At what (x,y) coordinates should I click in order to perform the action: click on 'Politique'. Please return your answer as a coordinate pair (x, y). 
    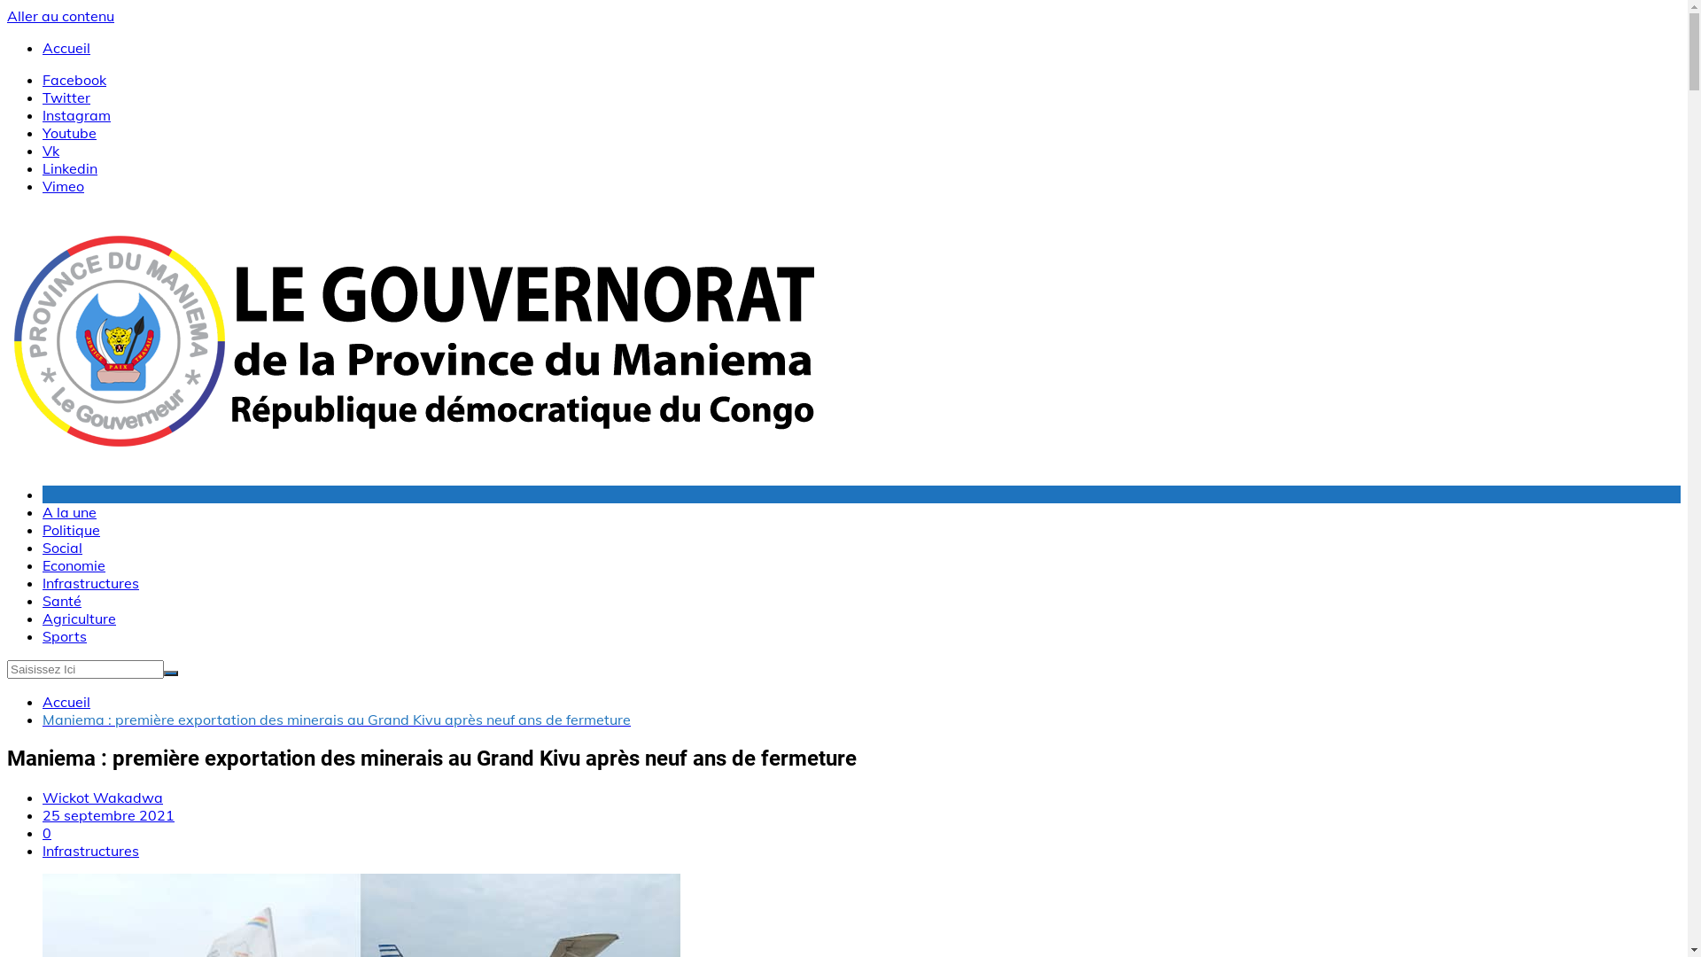
    Looking at the image, I should click on (43, 528).